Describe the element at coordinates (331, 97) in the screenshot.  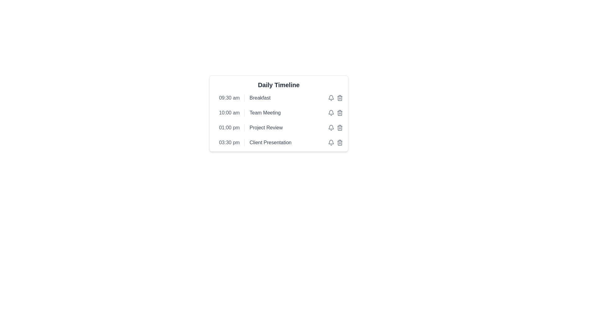
I see `the third bell icon in the 'Daily Timeline' section` at that location.